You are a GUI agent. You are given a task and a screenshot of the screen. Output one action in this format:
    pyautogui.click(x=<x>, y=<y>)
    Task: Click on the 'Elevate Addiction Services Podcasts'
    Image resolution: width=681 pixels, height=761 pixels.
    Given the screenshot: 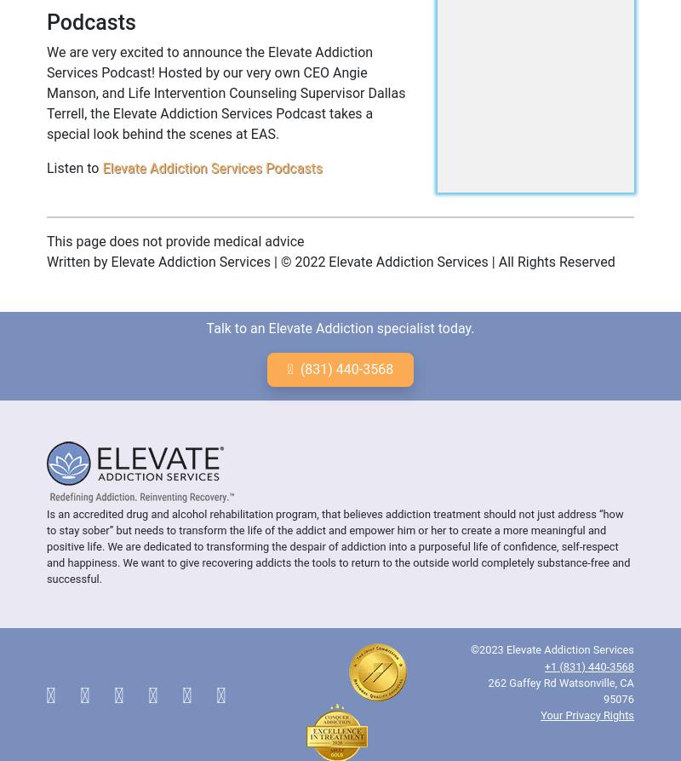 What is the action you would take?
    pyautogui.click(x=210, y=166)
    